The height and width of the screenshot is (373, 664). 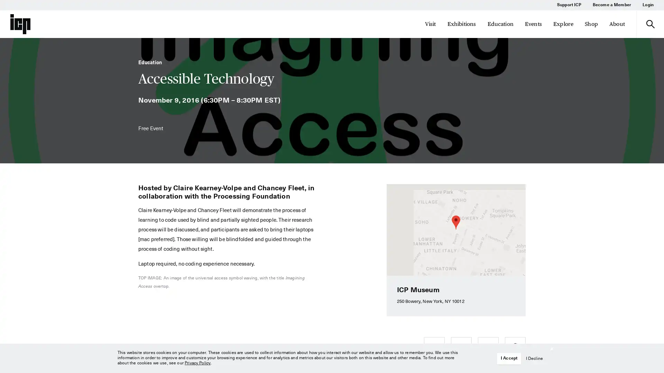 I want to click on Keyboard shortcuts, so click(x=408, y=272).